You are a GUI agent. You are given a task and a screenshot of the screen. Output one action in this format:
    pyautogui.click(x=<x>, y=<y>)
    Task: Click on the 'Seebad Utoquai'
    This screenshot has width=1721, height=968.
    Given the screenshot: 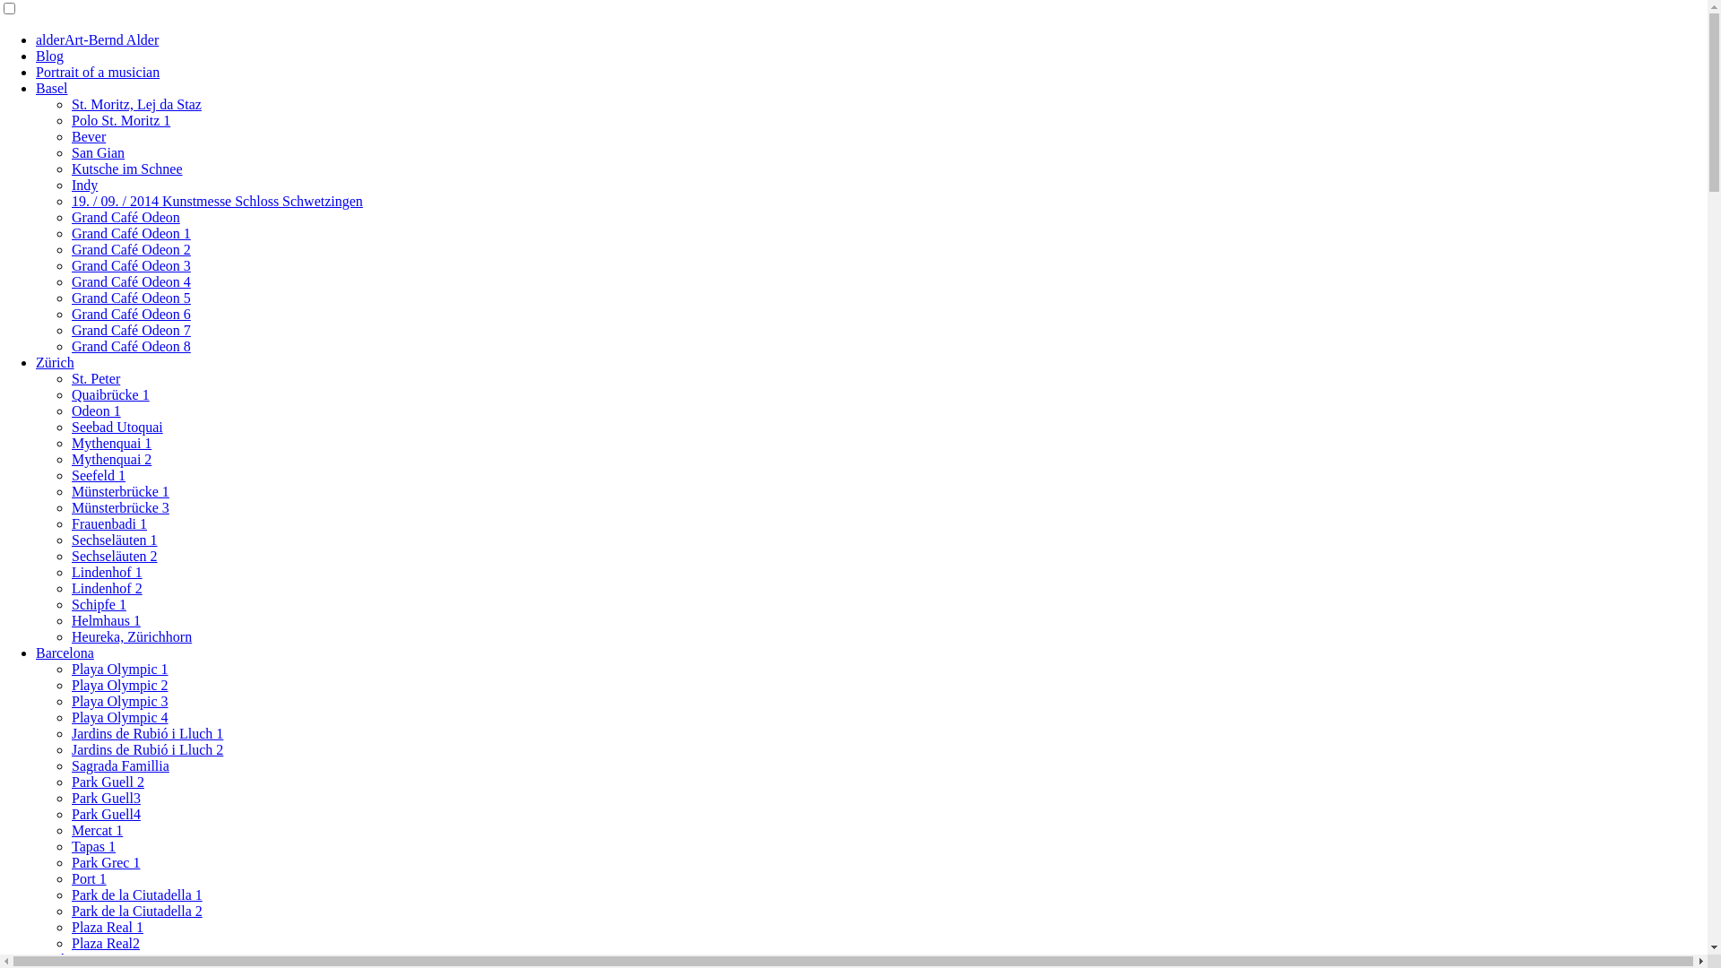 What is the action you would take?
    pyautogui.click(x=116, y=427)
    